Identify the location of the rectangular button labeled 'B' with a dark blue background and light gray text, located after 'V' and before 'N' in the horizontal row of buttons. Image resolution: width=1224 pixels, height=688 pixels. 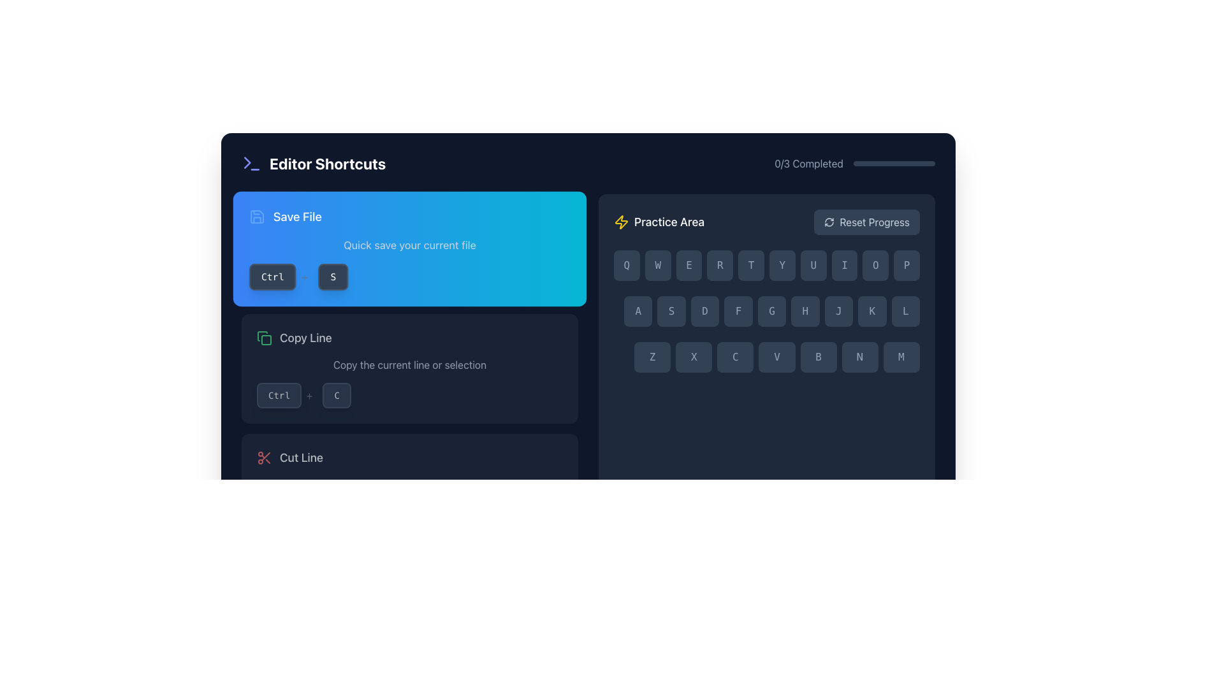
(818, 357).